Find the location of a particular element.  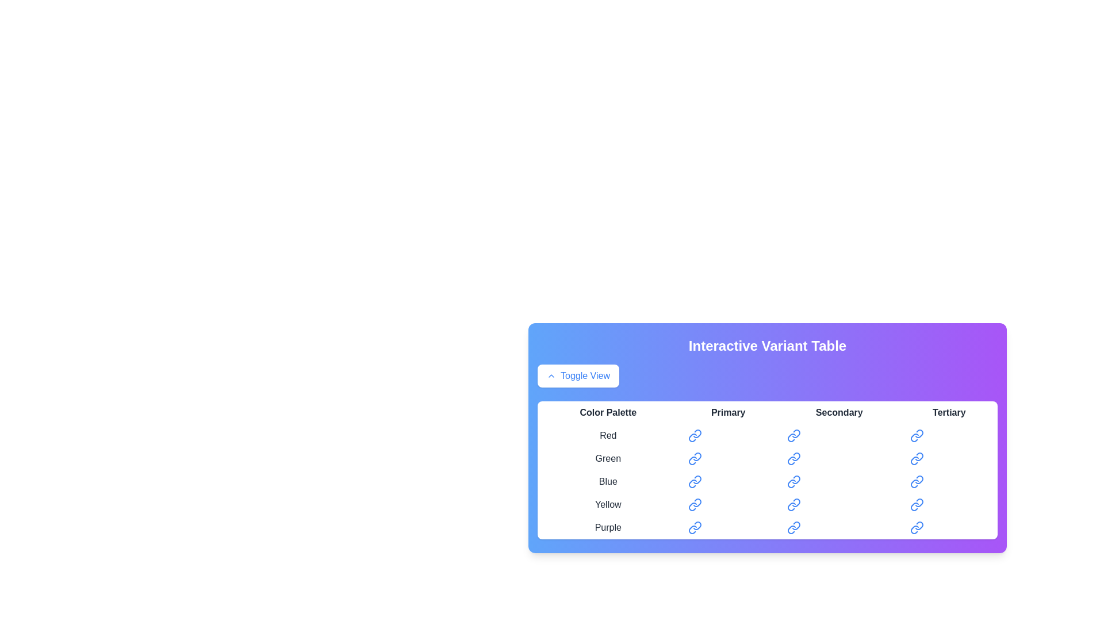

text 'Green' from the label located in the second row under the 'Color Palette' column of the table is located at coordinates (607, 458).